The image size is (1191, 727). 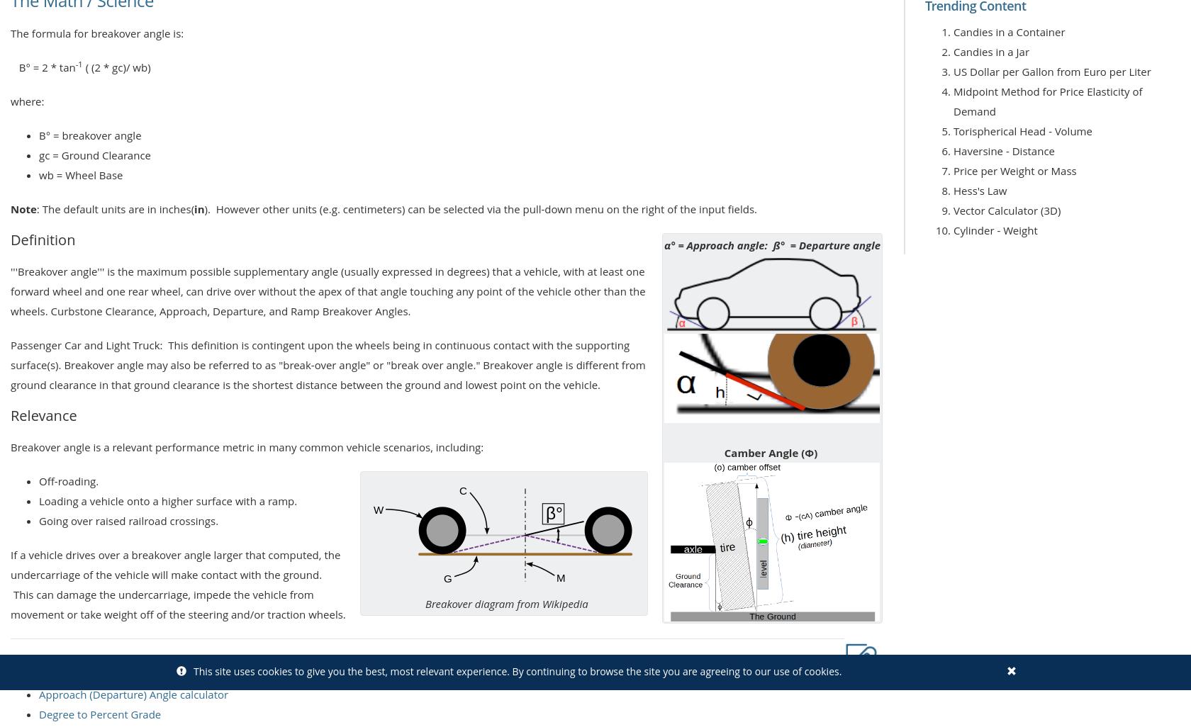 I want to click on 'Approach (Departure) Angle calculator', so click(x=133, y=693).